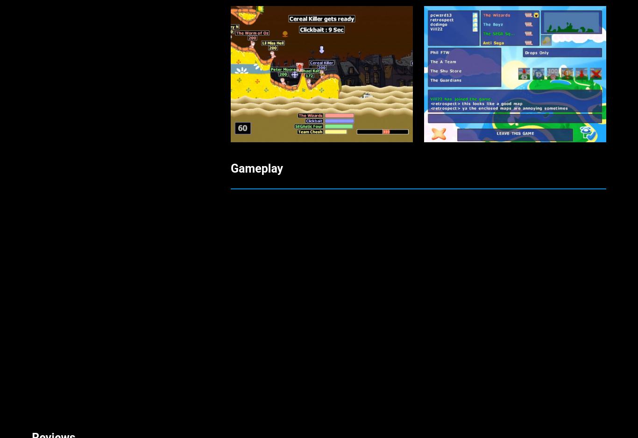  Describe the element at coordinates (118, 26) in the screenshot. I see `'One of the best games out there.'` at that location.